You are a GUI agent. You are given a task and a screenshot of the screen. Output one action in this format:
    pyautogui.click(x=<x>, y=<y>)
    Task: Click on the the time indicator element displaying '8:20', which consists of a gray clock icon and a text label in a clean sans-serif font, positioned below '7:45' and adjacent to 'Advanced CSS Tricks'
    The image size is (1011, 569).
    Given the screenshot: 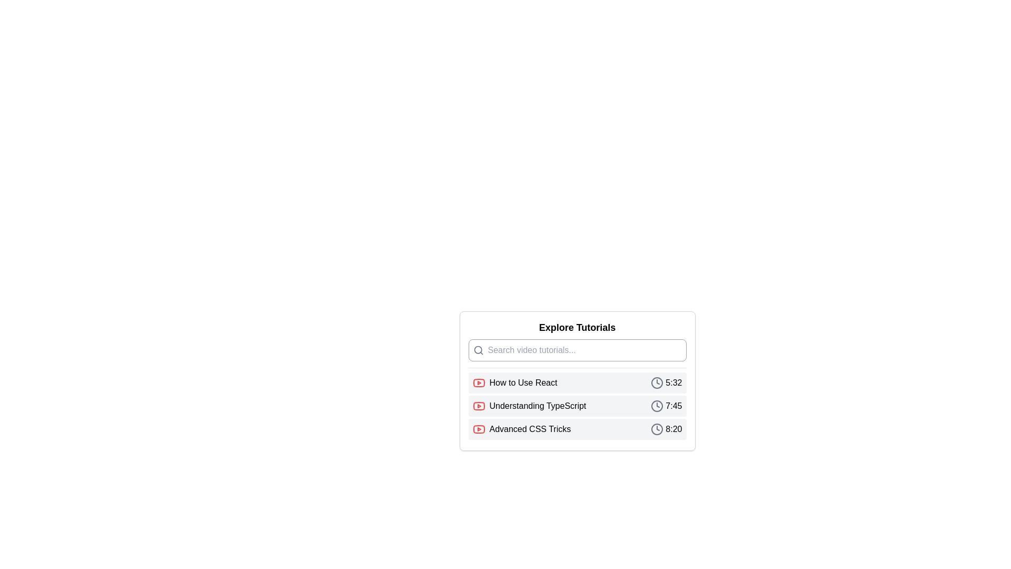 What is the action you would take?
    pyautogui.click(x=666, y=429)
    